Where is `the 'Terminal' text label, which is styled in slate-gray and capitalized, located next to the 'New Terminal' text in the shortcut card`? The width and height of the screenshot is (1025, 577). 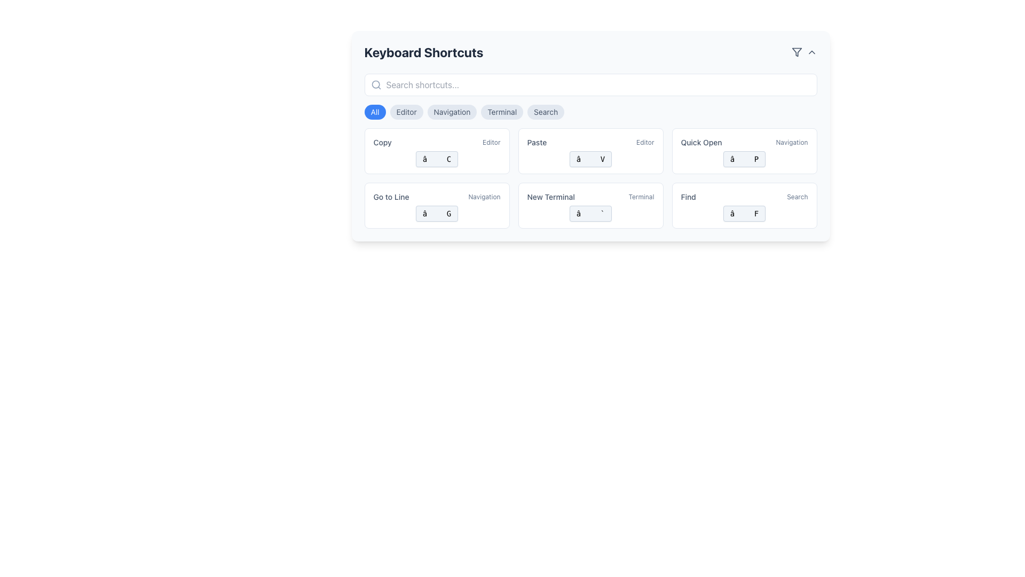 the 'Terminal' text label, which is styled in slate-gray and capitalized, located next to the 'New Terminal' text in the shortcut card is located at coordinates (641, 197).